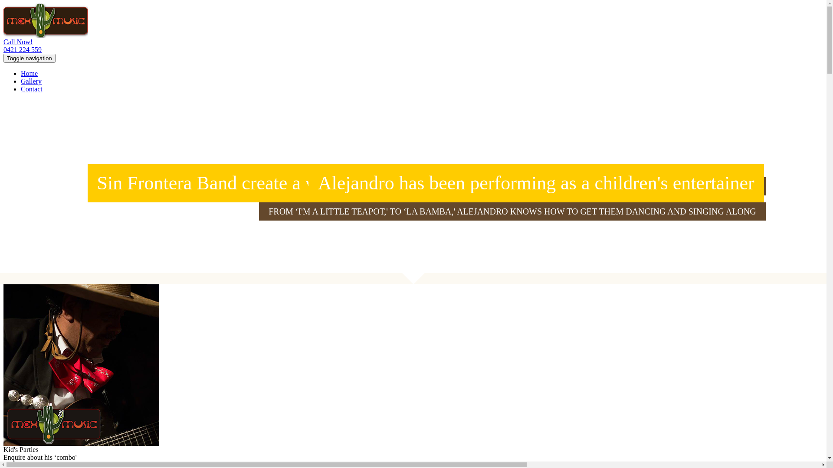 Image resolution: width=833 pixels, height=468 pixels. What do you see at coordinates (29, 73) in the screenshot?
I see `'Home'` at bounding box center [29, 73].